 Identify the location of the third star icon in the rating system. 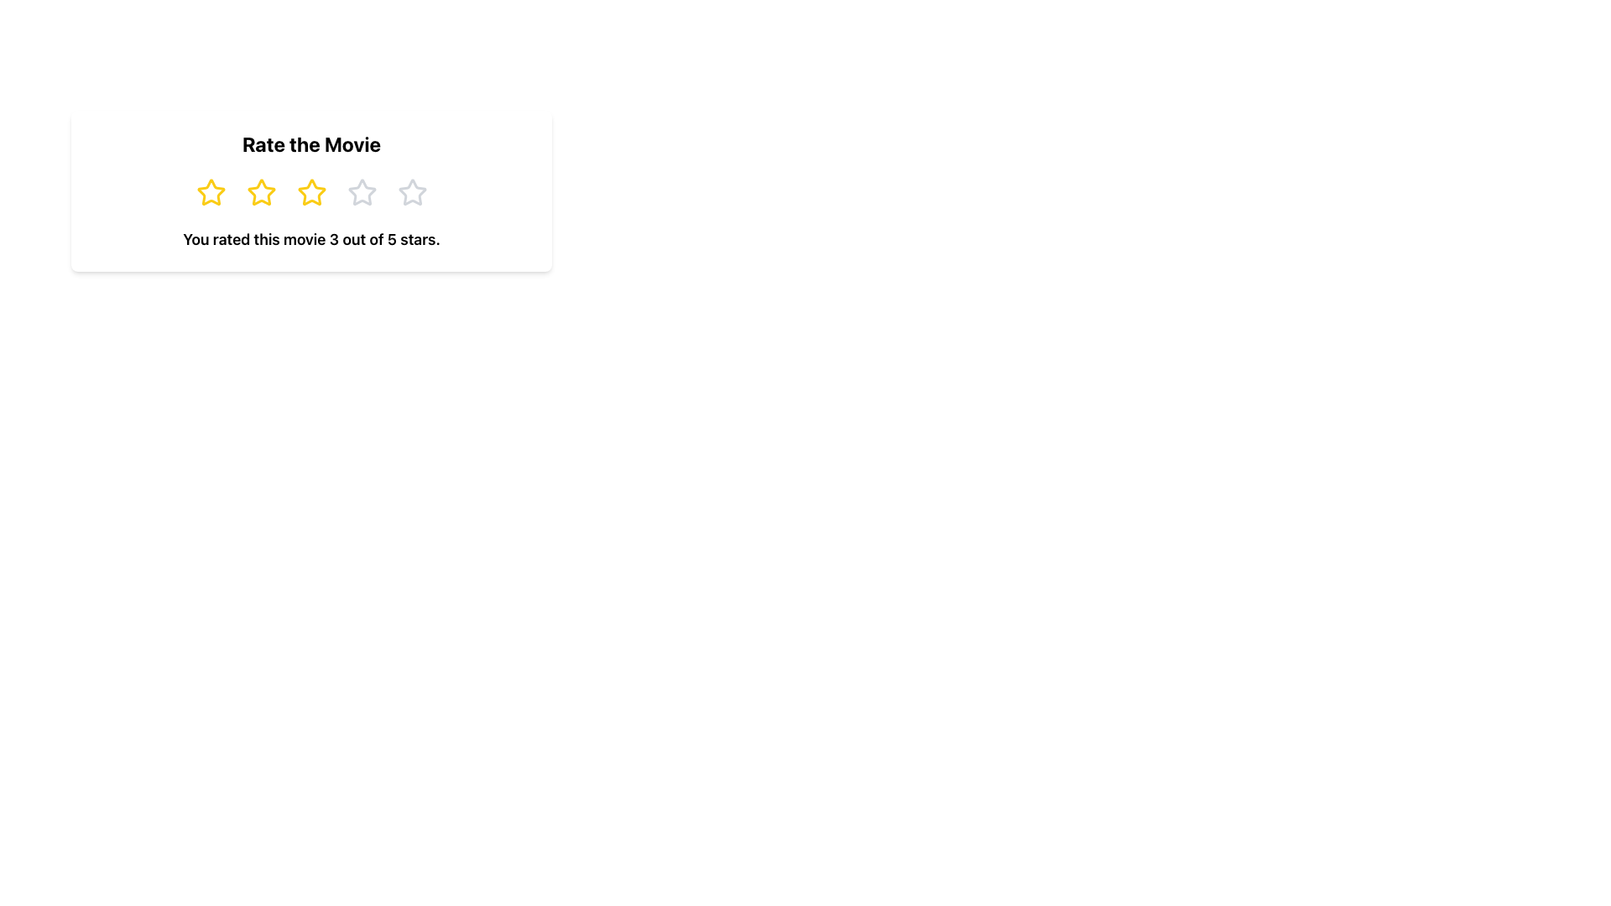
(311, 191).